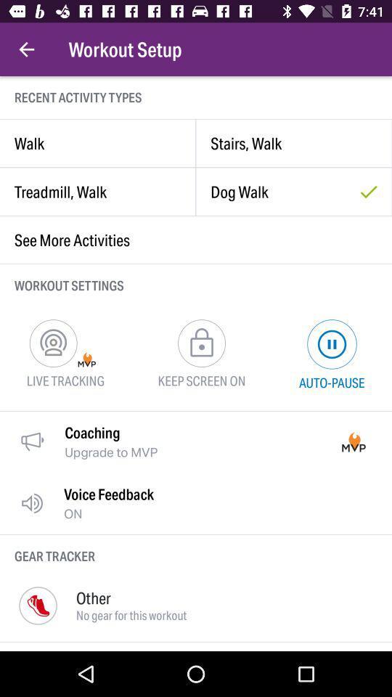 Image resolution: width=392 pixels, height=697 pixels. I want to click on the icon above the text live tracking, so click(52, 343).